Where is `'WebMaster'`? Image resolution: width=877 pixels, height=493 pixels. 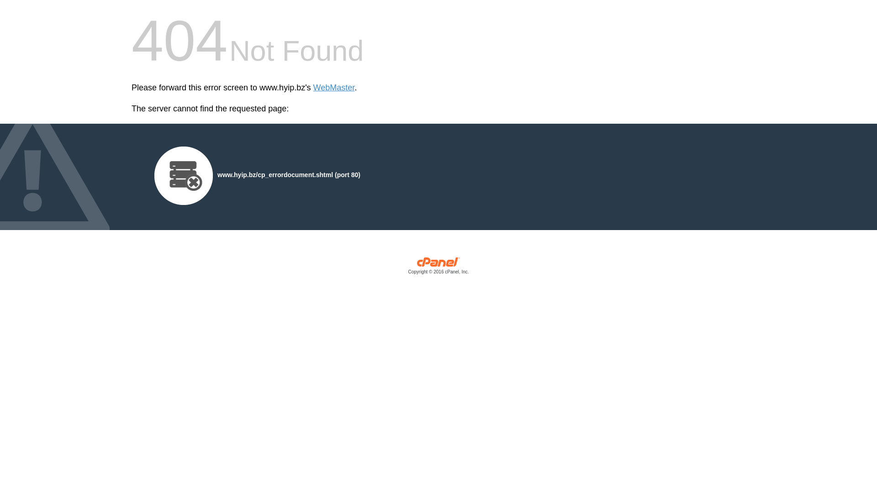
'WebMaster' is located at coordinates (333, 88).